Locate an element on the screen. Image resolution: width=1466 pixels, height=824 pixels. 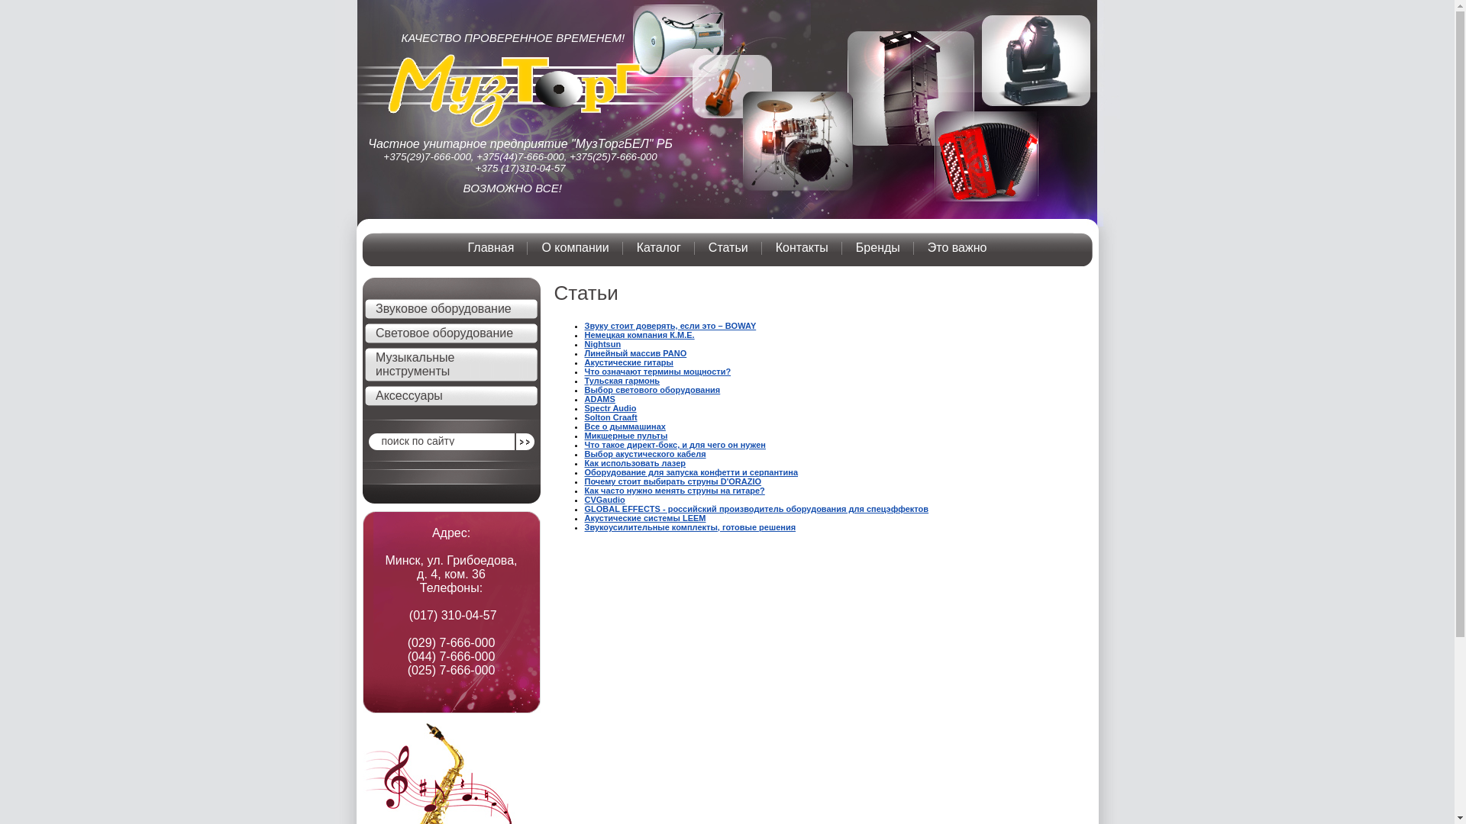
'ADAMS' is located at coordinates (599, 398).